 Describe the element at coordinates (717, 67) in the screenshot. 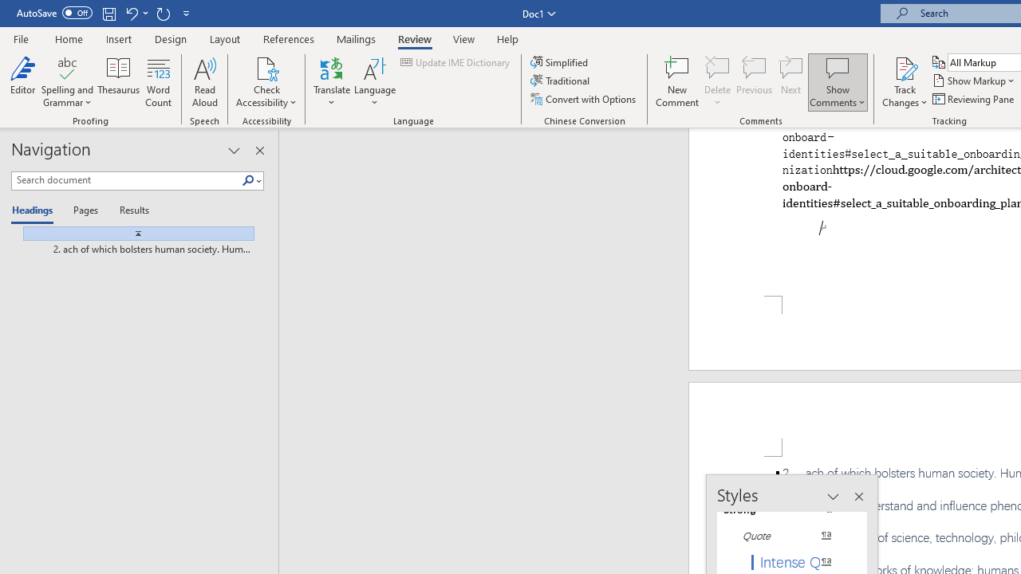

I see `'Delete'` at that location.